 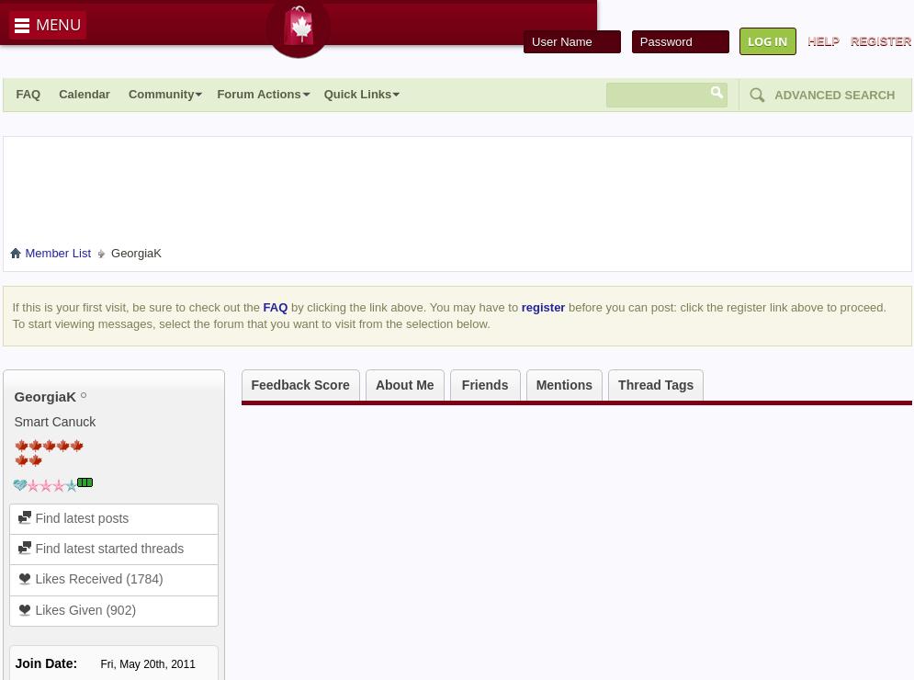 I want to click on 'Forum Actions', so click(x=257, y=94).